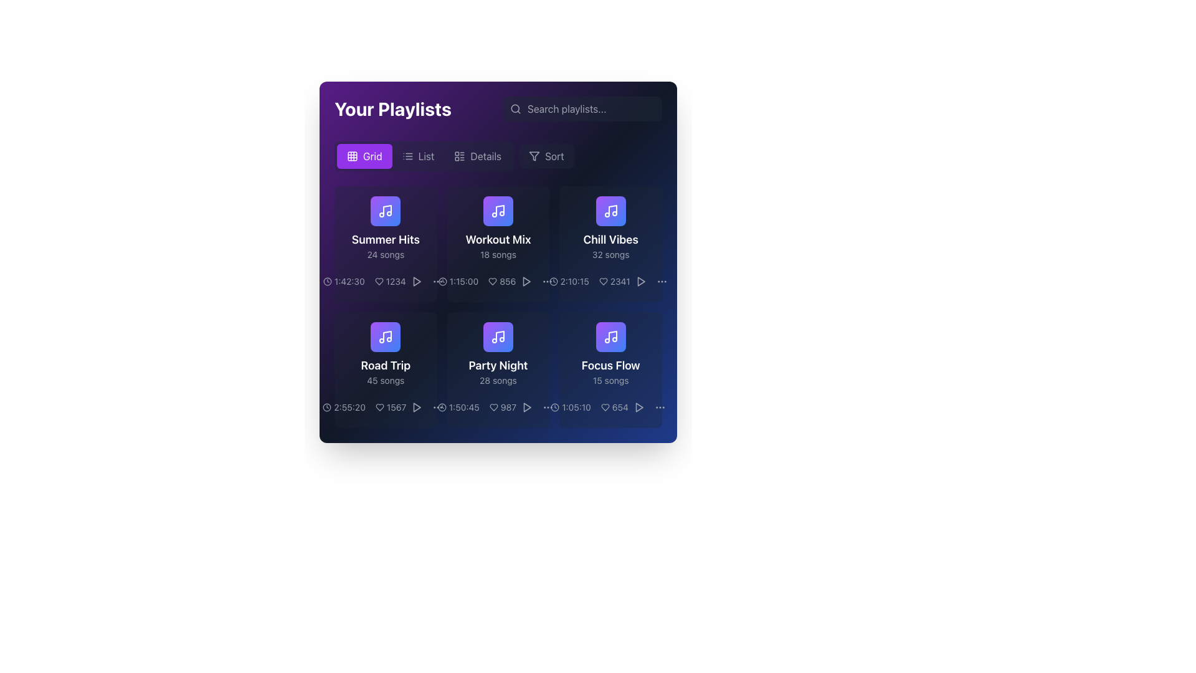 The width and height of the screenshot is (1196, 673). What do you see at coordinates (437, 281) in the screenshot?
I see `the third interactive circular button located under the second playlist tile ('Workout Mix')` at bounding box center [437, 281].